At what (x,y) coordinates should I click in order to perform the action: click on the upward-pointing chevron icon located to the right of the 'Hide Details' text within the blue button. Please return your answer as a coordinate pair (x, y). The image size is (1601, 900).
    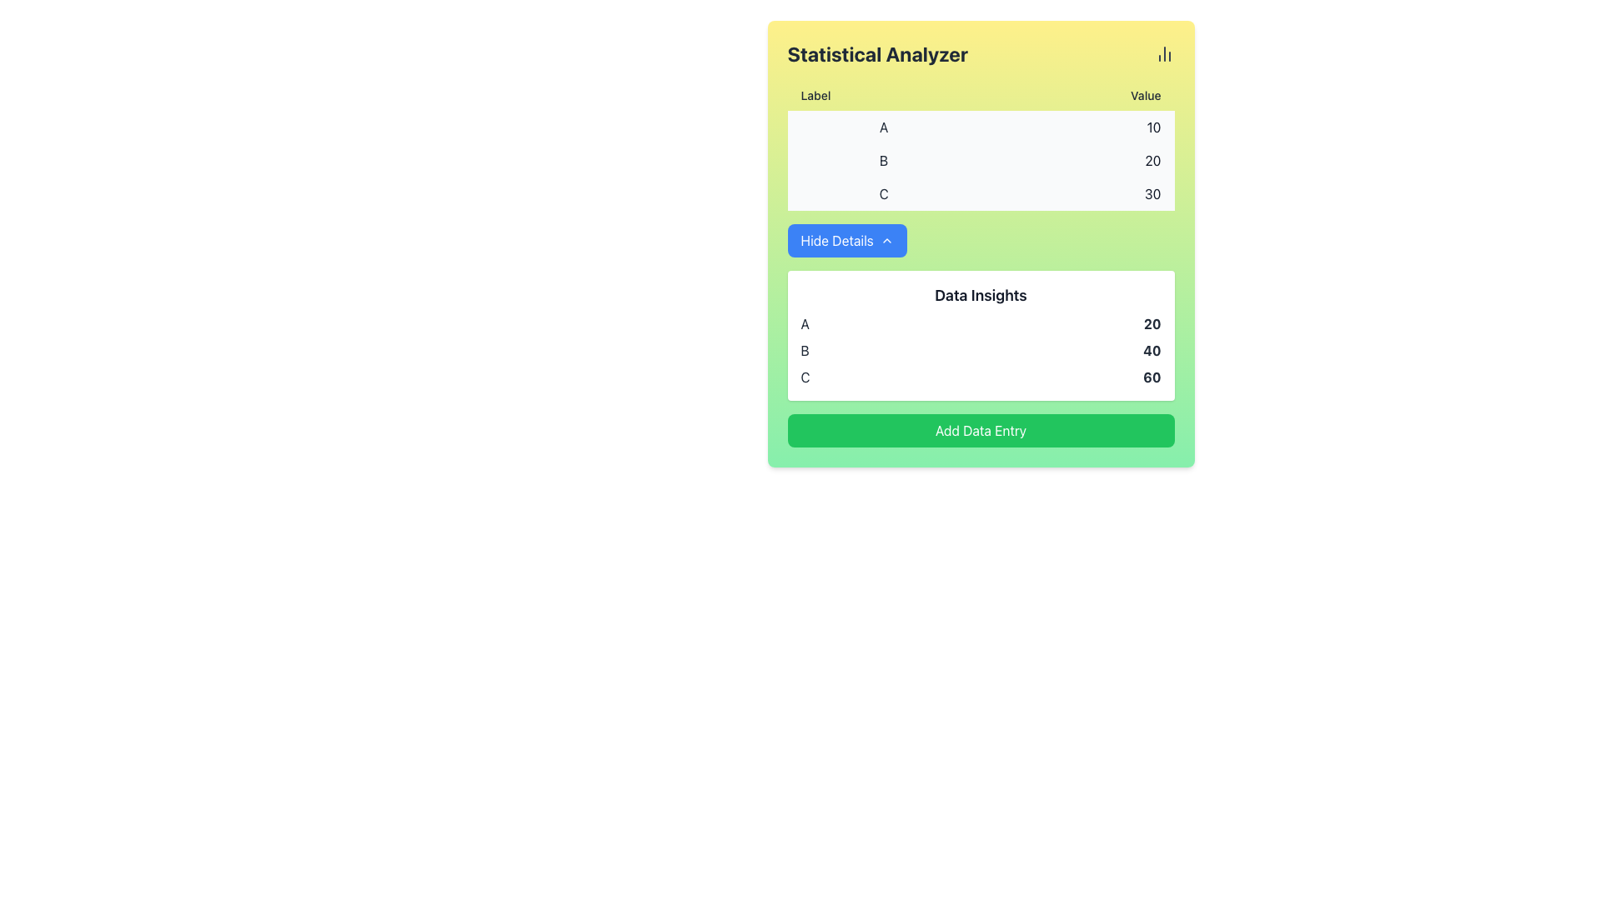
    Looking at the image, I should click on (886, 241).